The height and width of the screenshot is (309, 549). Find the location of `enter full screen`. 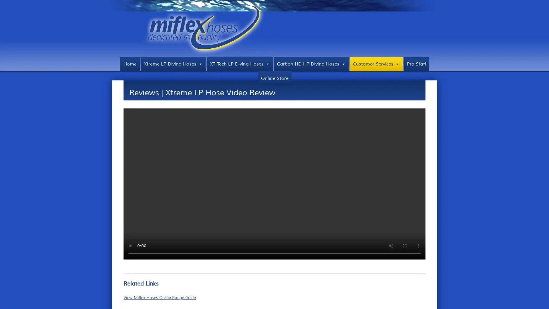

enter full screen is located at coordinates (405, 245).